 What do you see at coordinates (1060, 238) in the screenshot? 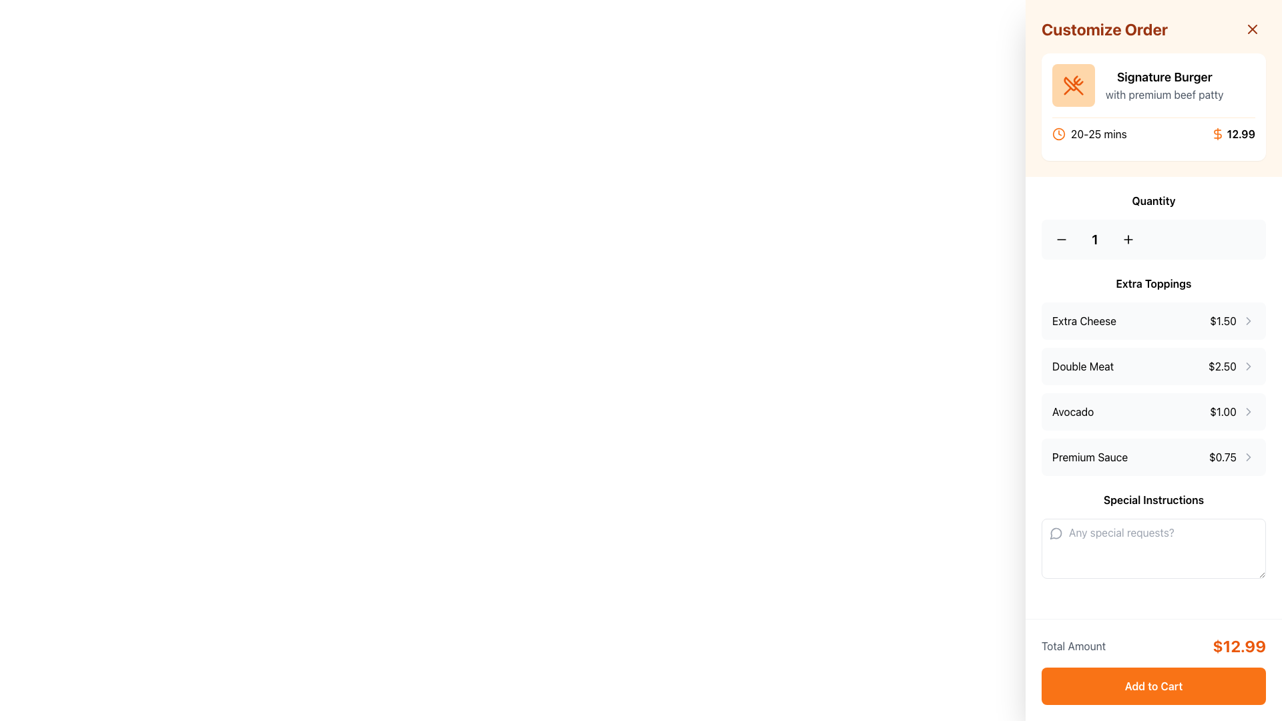
I see `the decrement button for the quantity selector located to the left of the quantity value '1' to change its background` at bounding box center [1060, 238].